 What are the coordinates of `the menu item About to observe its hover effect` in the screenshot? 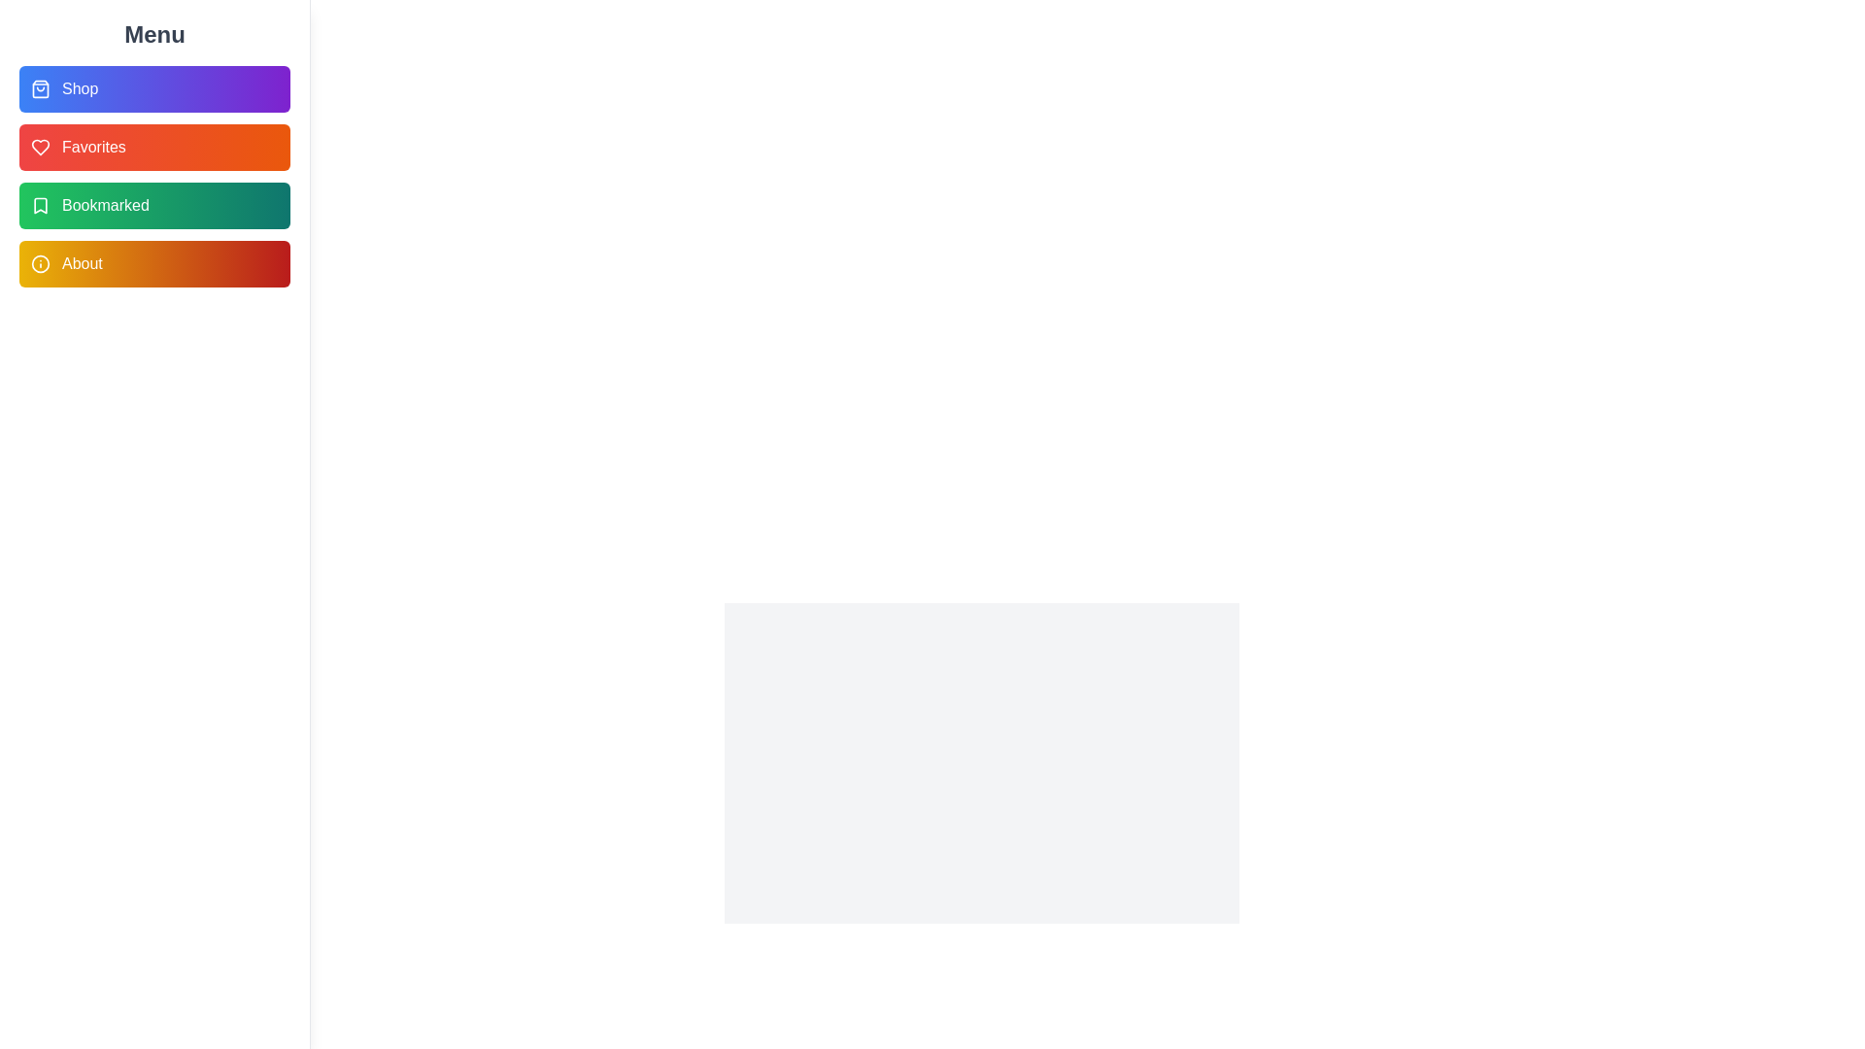 It's located at (153, 264).